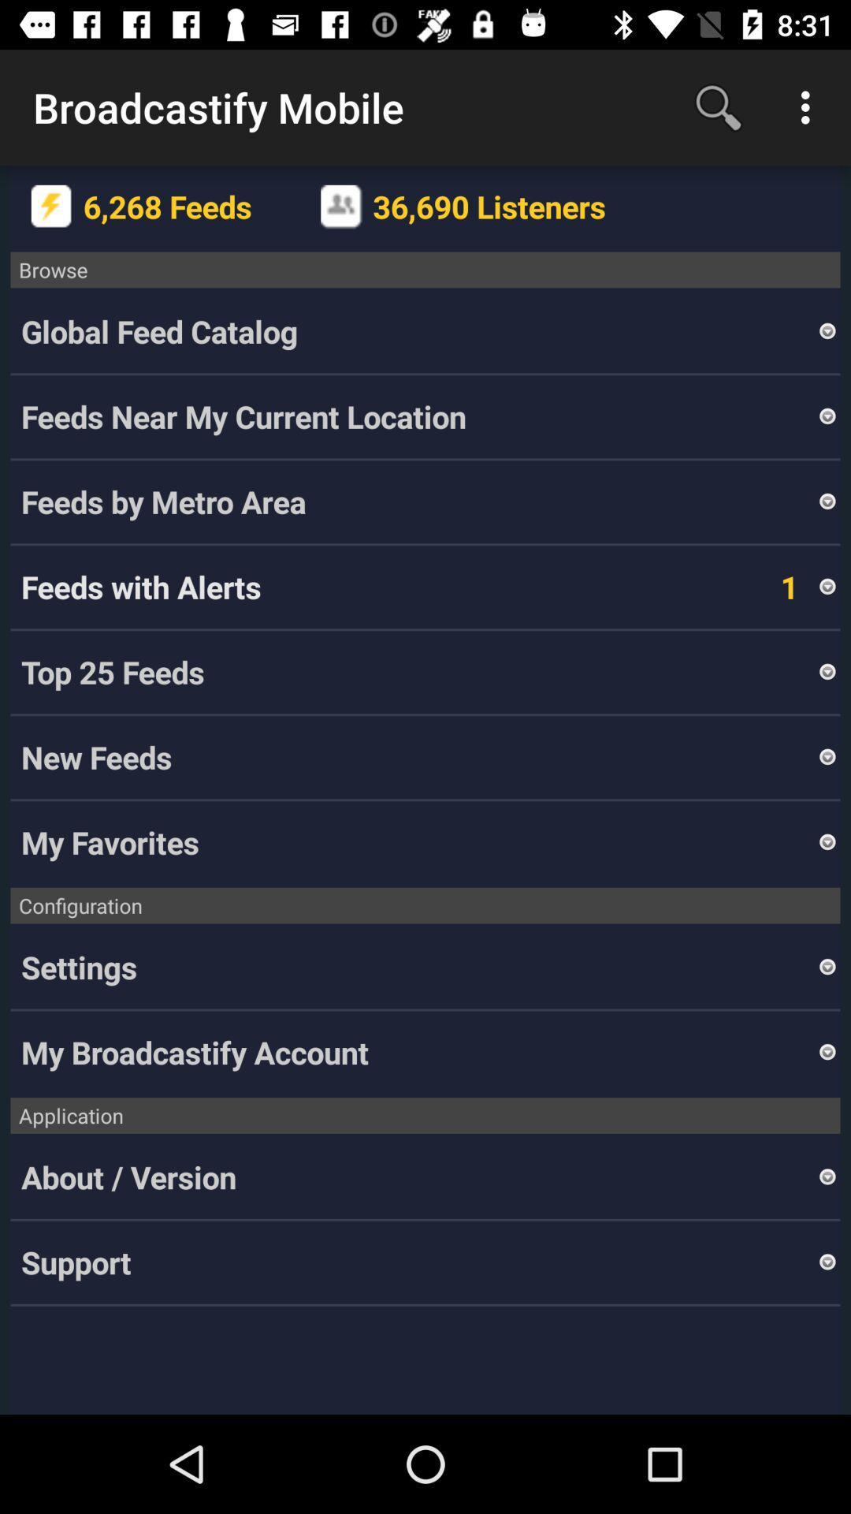  I want to click on icon above the top 25 feeds item, so click(827, 586).